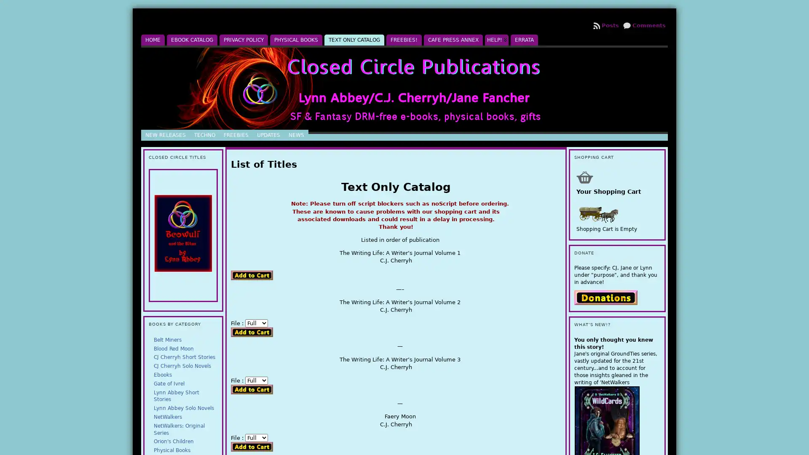  I want to click on Add to Cart, so click(252, 332).